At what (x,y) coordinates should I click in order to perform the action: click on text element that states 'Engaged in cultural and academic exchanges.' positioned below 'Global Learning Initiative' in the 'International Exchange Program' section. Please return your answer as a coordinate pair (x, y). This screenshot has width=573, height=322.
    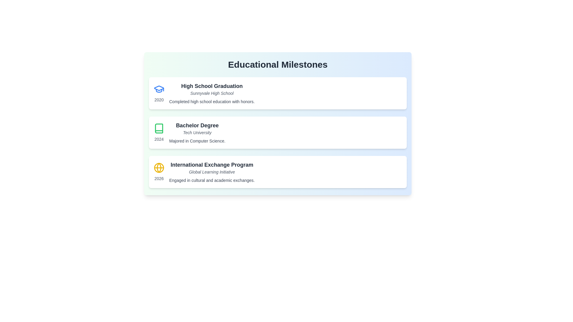
    Looking at the image, I should click on (212, 180).